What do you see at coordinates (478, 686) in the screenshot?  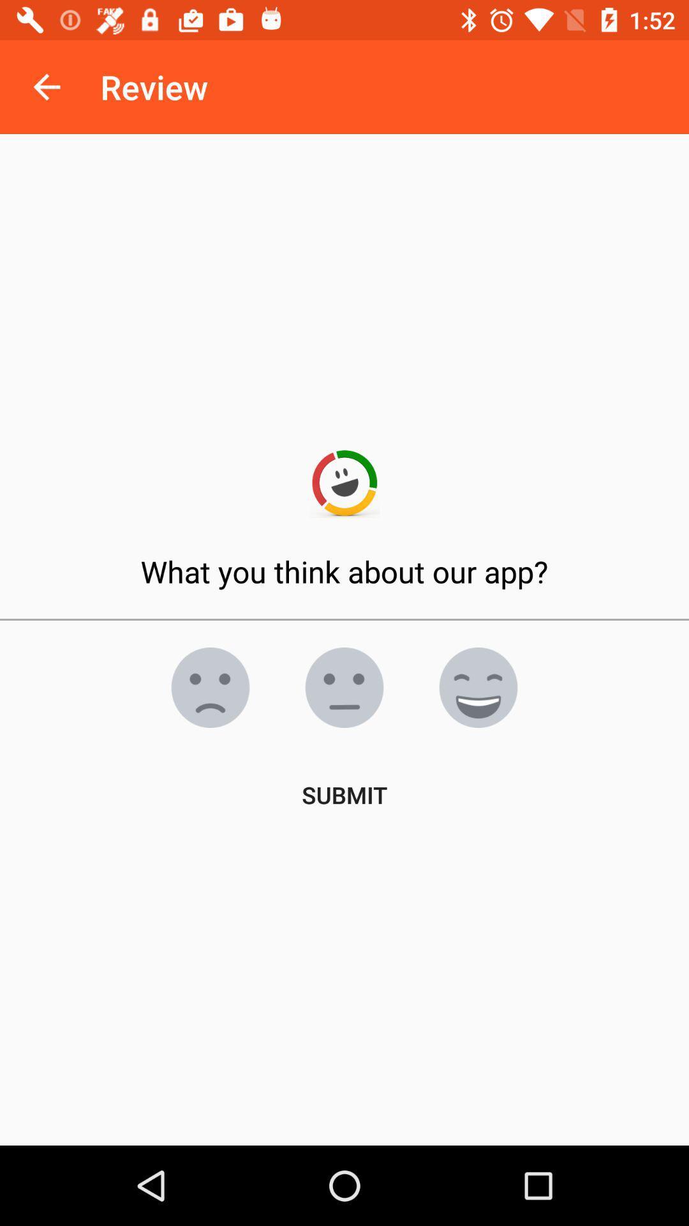 I see `the icon above the submit icon` at bounding box center [478, 686].